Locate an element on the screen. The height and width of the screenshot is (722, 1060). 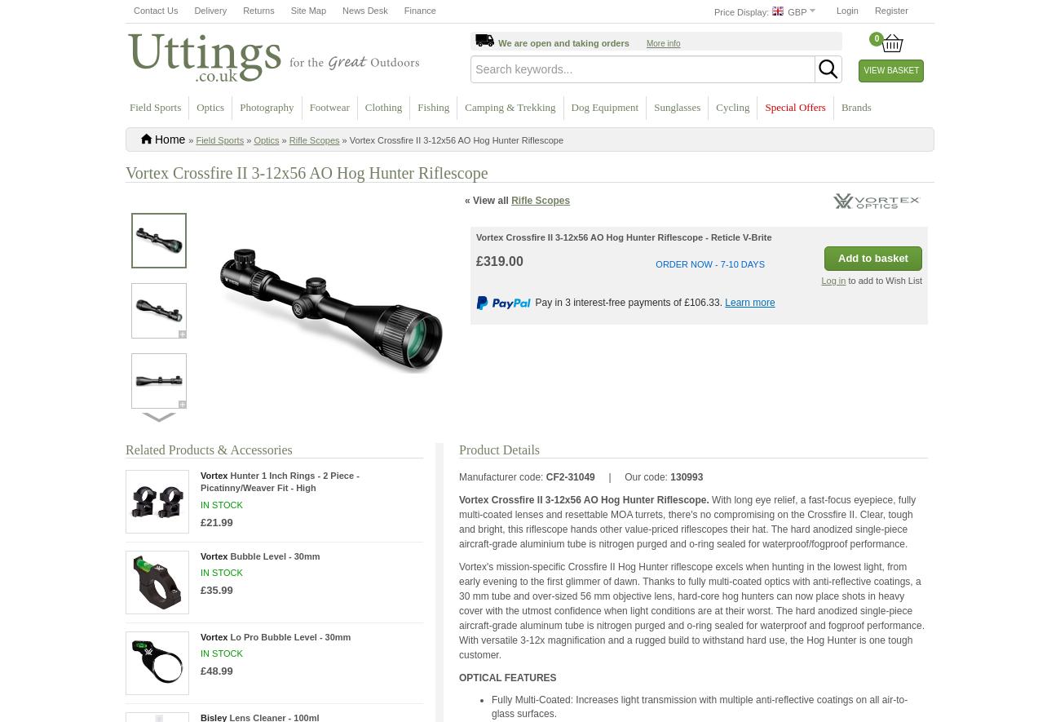
'Delivery' is located at coordinates (210, 11).